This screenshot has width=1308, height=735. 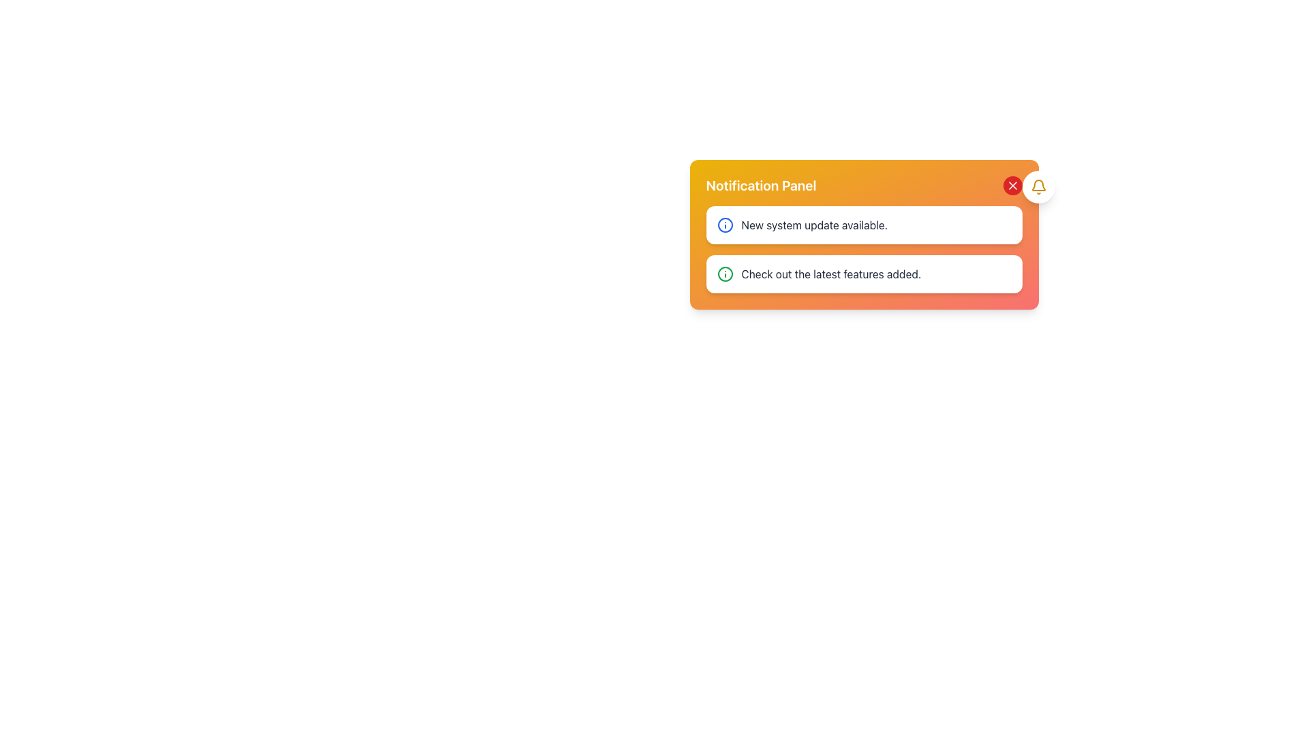 I want to click on the notification bell icon button located in the top-right corner of the notification panel, so click(x=1038, y=186).